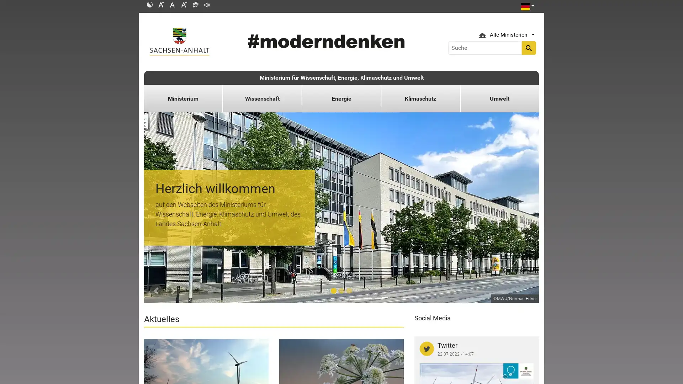 The image size is (683, 384). What do you see at coordinates (529, 48) in the screenshot?
I see `search` at bounding box center [529, 48].